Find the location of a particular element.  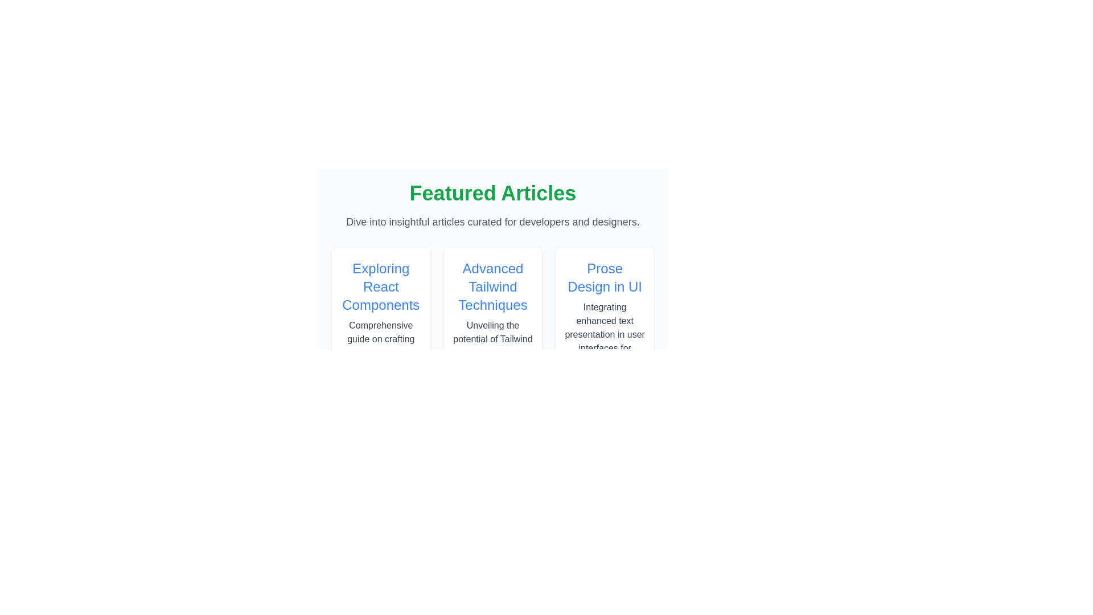

the Text label located at the bottom section of the card layout, which is the third card from the left, providing descriptive information related to the heading 'Prose Design in UI' is located at coordinates (604, 334).